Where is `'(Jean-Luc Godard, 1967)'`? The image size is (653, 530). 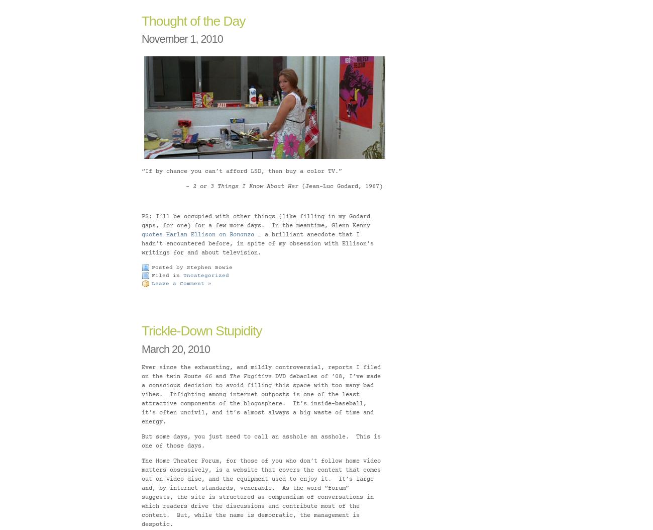
'(Jean-Luc Godard, 1967)' is located at coordinates (340, 186).